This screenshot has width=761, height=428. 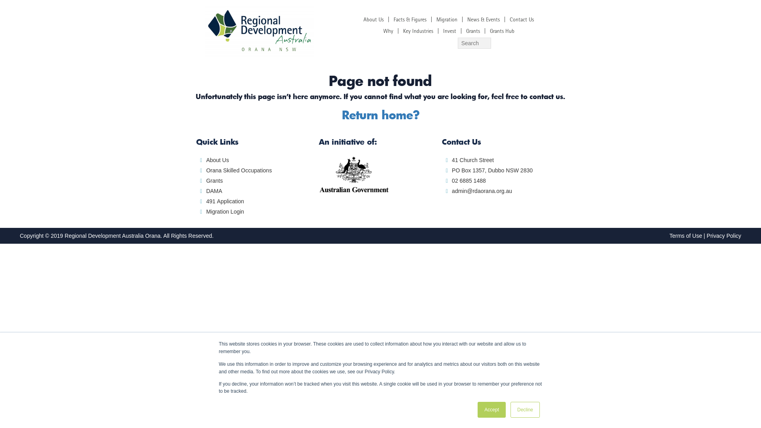 What do you see at coordinates (483, 19) in the screenshot?
I see `'News & Events'` at bounding box center [483, 19].